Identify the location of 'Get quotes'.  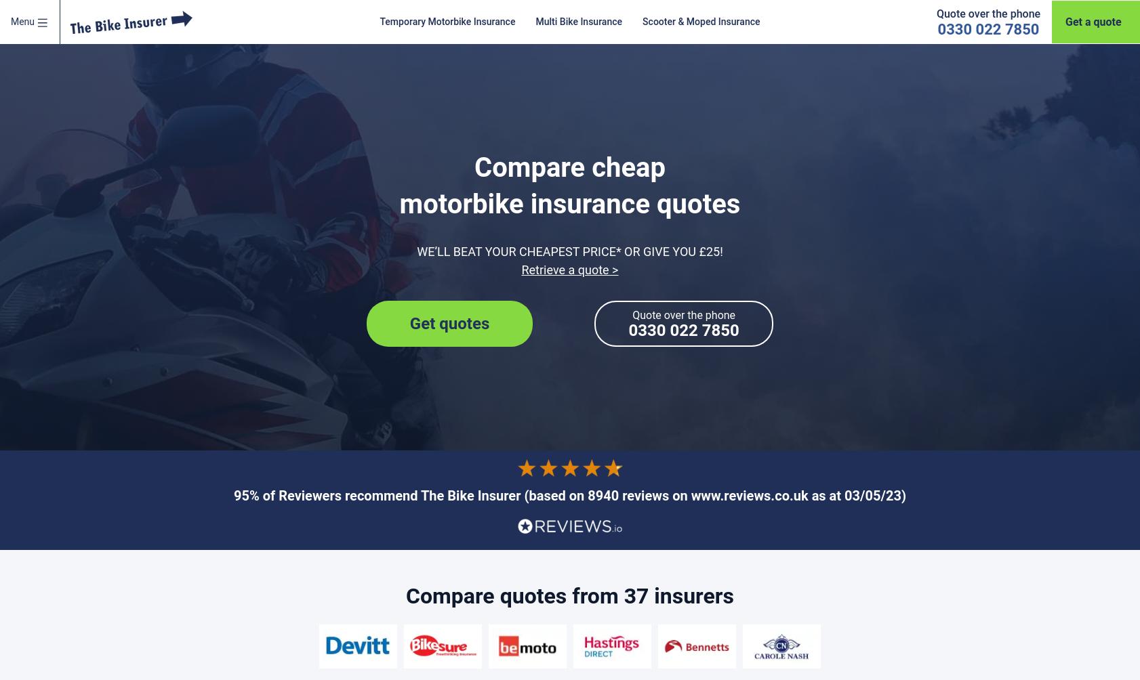
(409, 323).